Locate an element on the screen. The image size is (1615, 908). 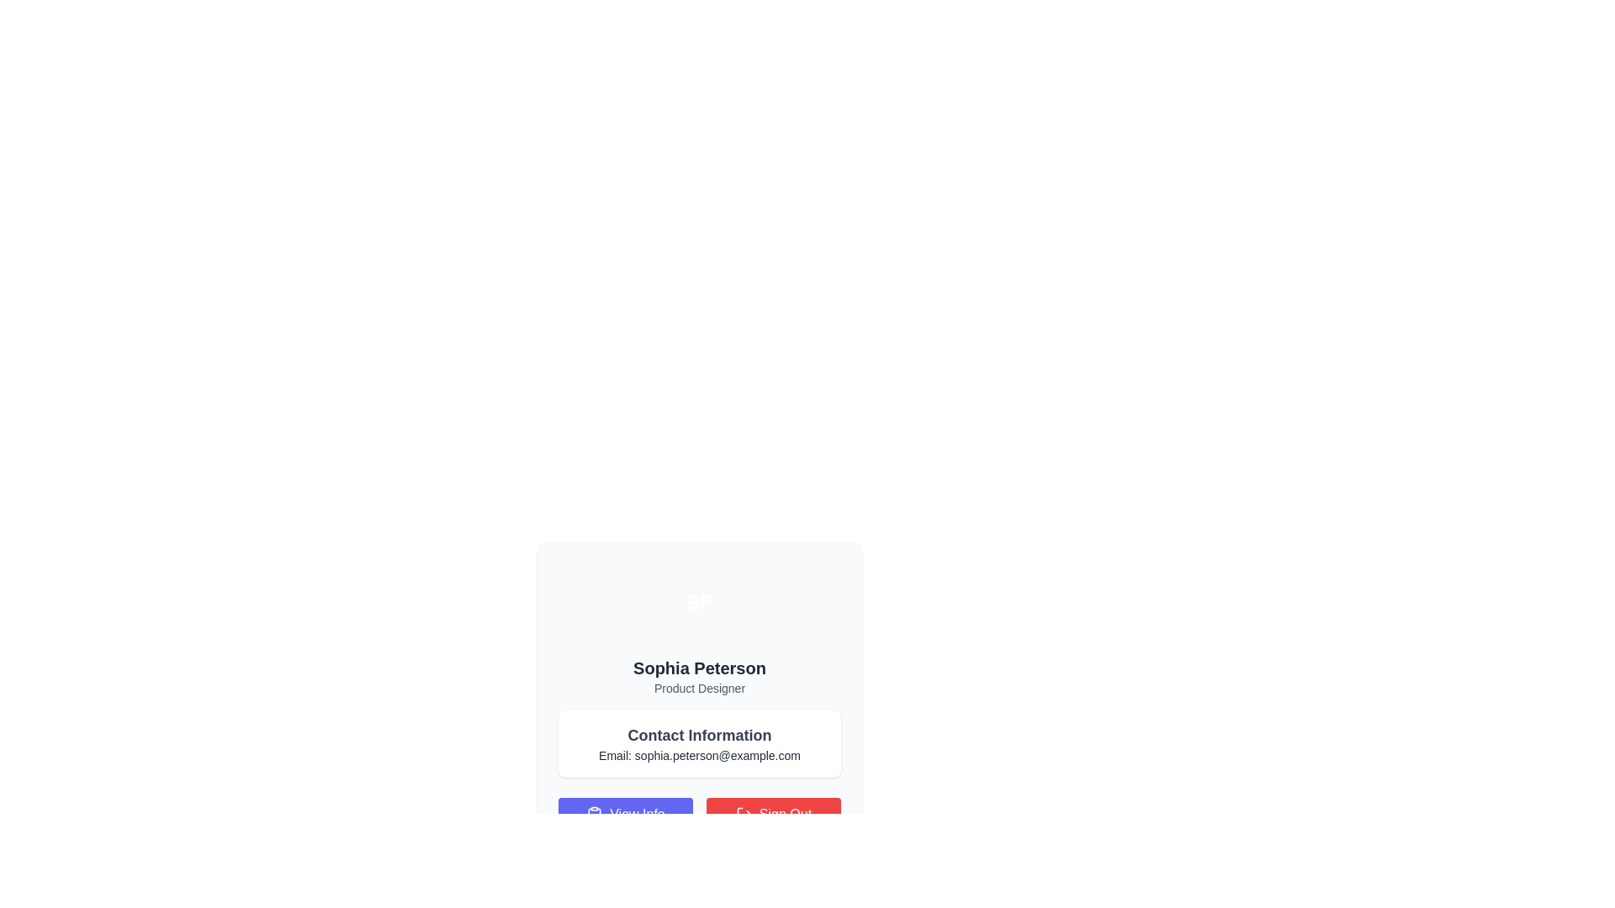
the 'Product Designer' text label, which indicates the role of the individual 'Sophia Peterson' in the profile card is located at coordinates (699, 688).